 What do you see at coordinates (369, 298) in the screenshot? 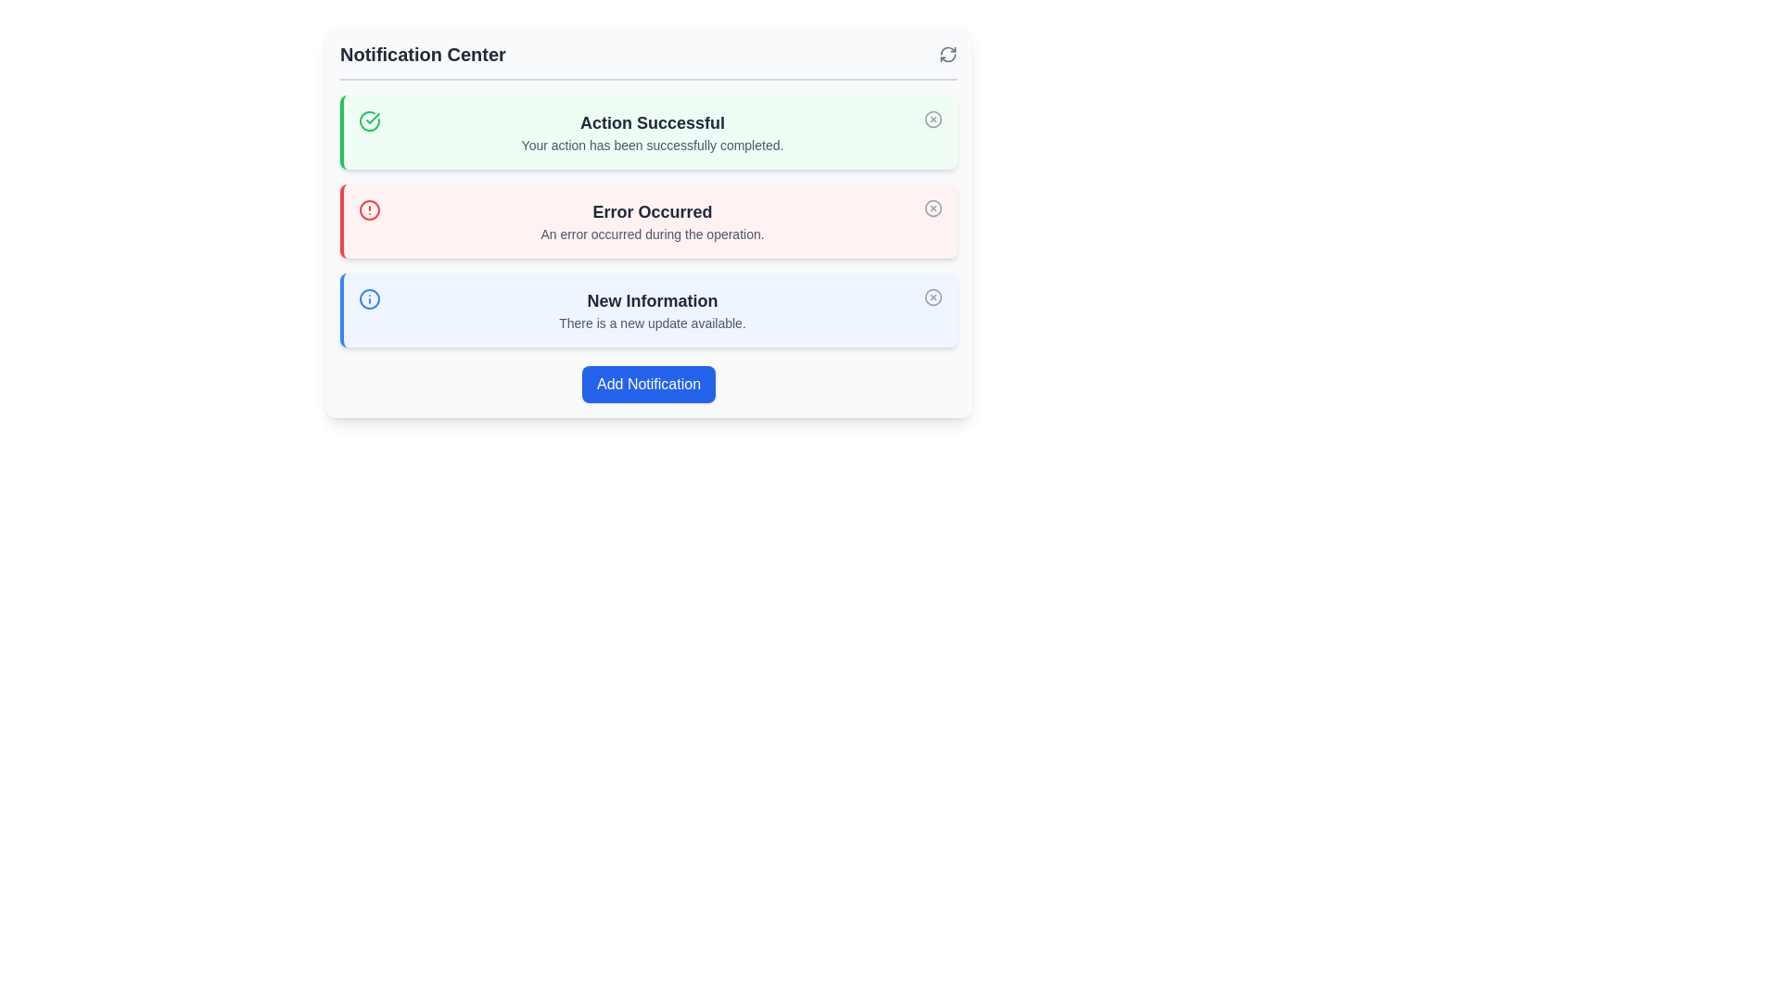
I see `the icon that indicates new information or updates, located at the leftmost side of the third notification box labeled 'New Information' in the notification center` at bounding box center [369, 298].